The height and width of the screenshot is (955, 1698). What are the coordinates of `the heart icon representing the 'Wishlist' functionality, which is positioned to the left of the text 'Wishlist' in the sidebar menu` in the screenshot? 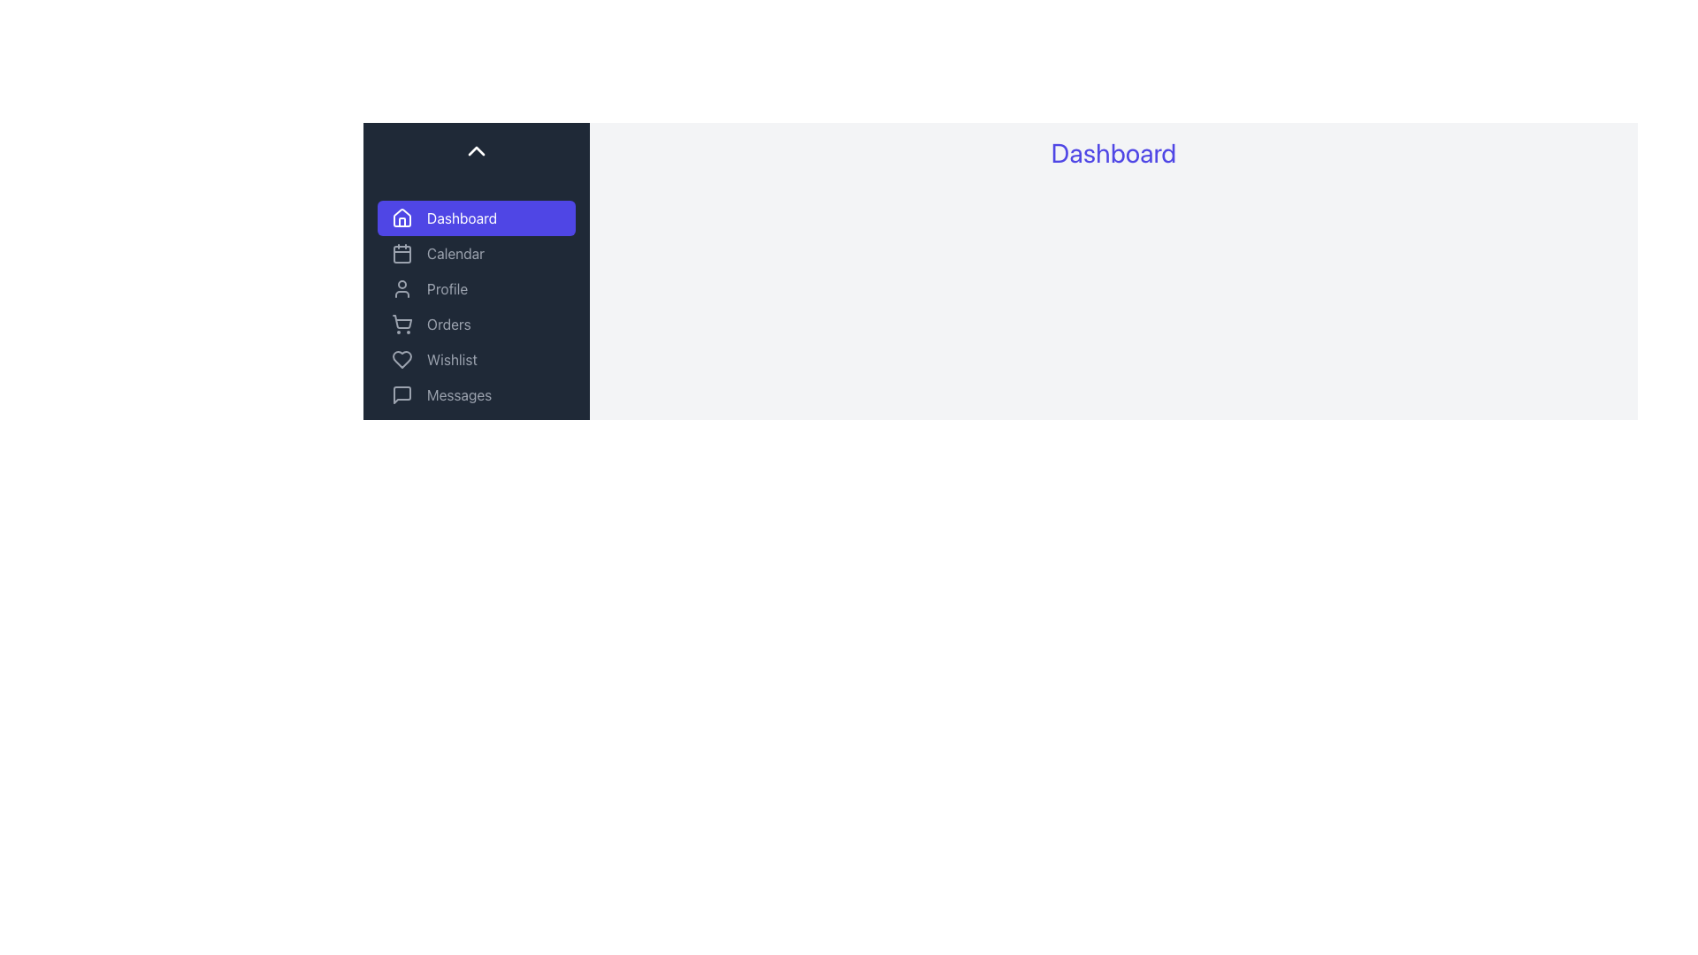 It's located at (402, 359).